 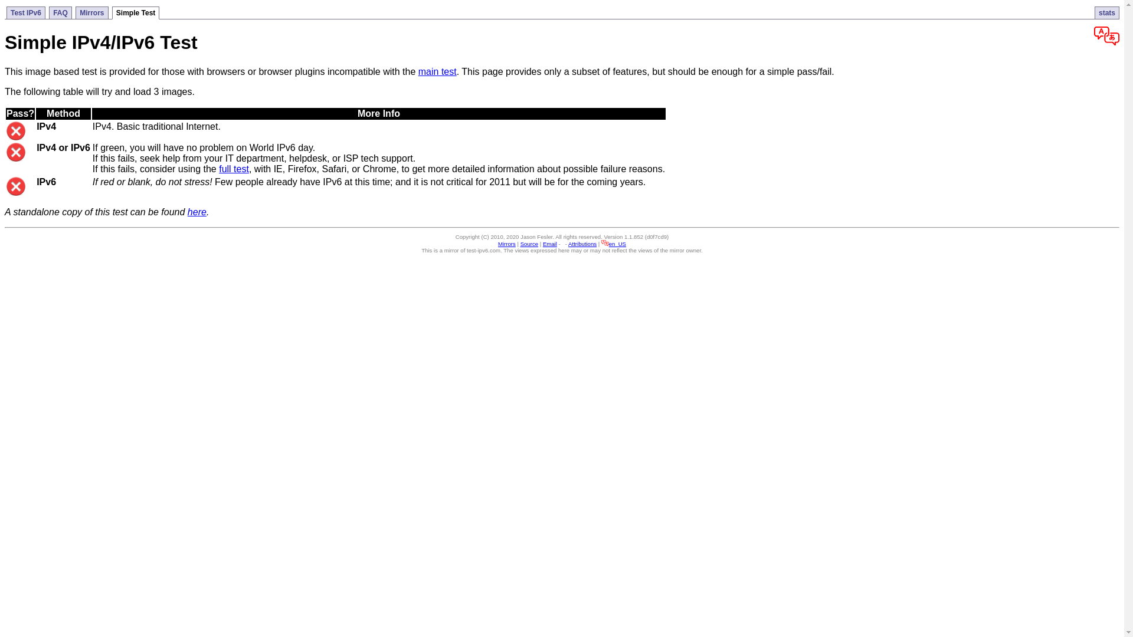 I want to click on 'Simple Test', so click(x=112, y=13).